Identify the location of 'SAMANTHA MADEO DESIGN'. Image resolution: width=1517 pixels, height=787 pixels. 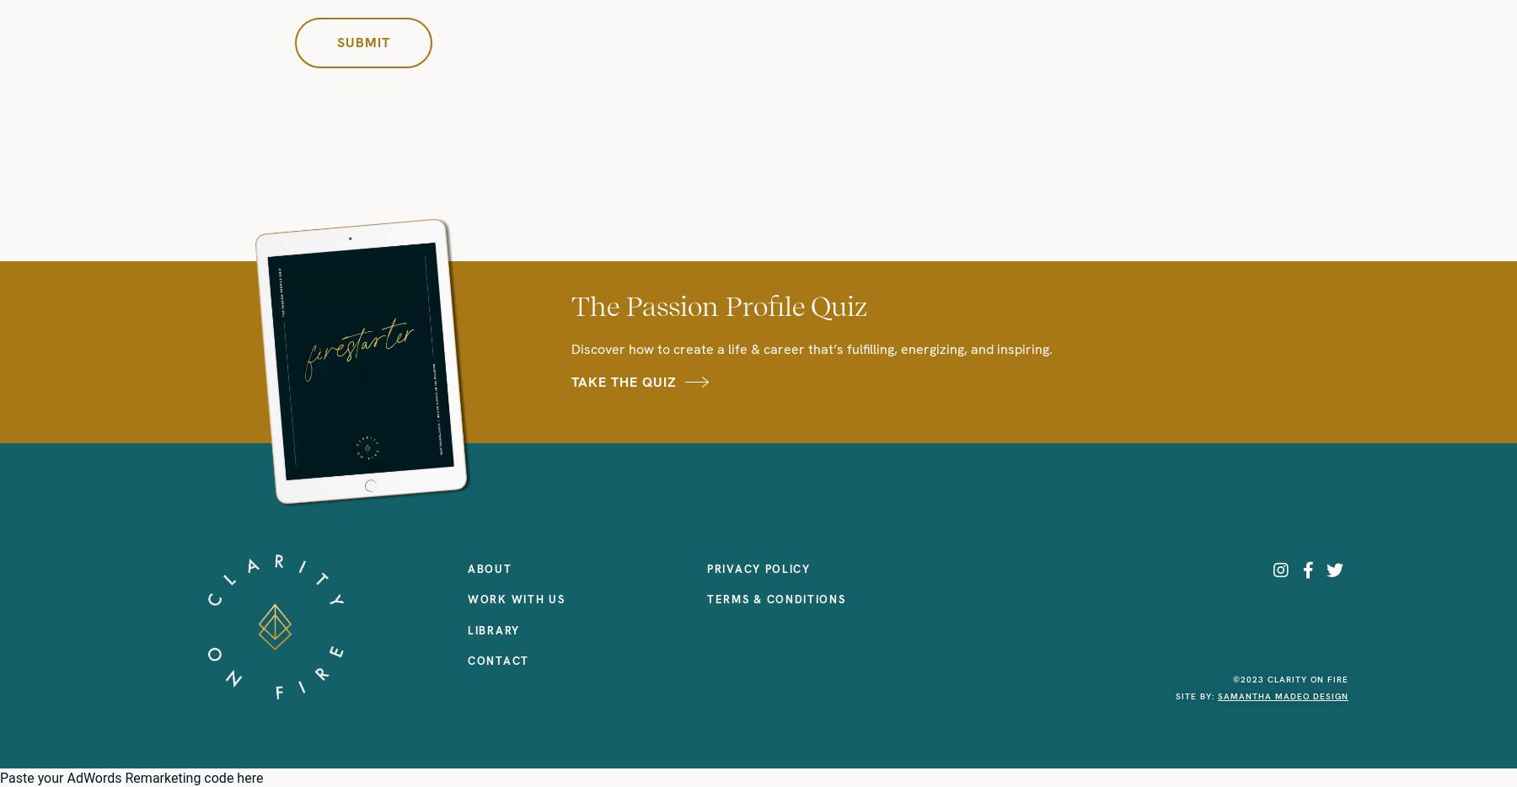
(1283, 696).